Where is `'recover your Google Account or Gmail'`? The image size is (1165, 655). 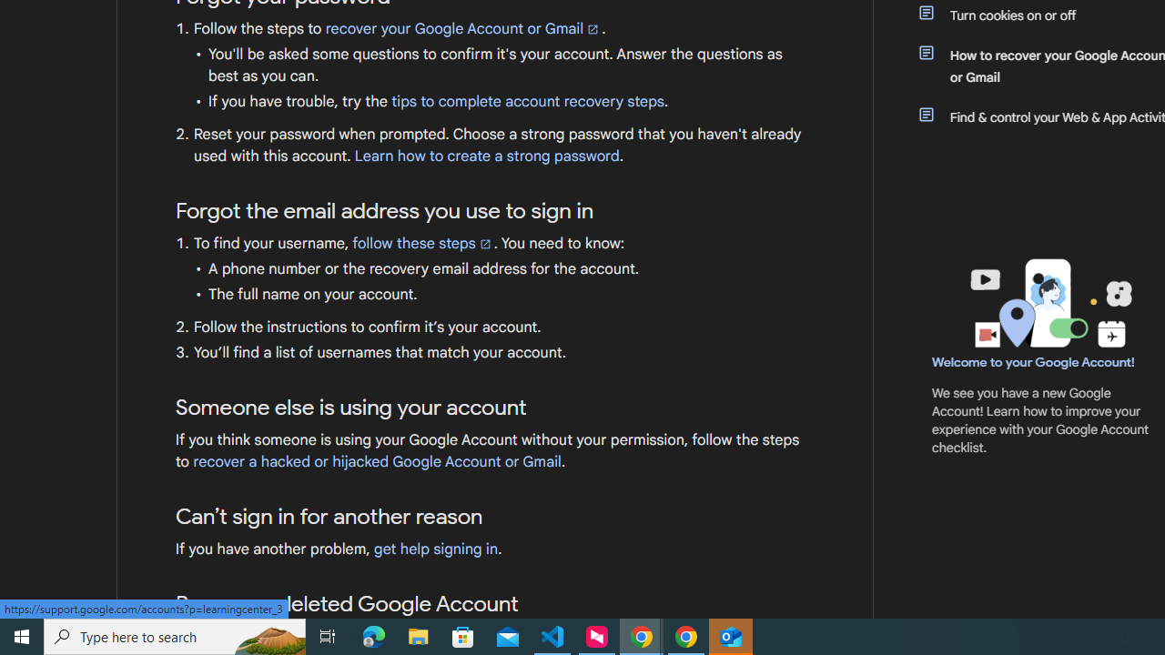
'recover your Google Account or Gmail' is located at coordinates (463, 29).